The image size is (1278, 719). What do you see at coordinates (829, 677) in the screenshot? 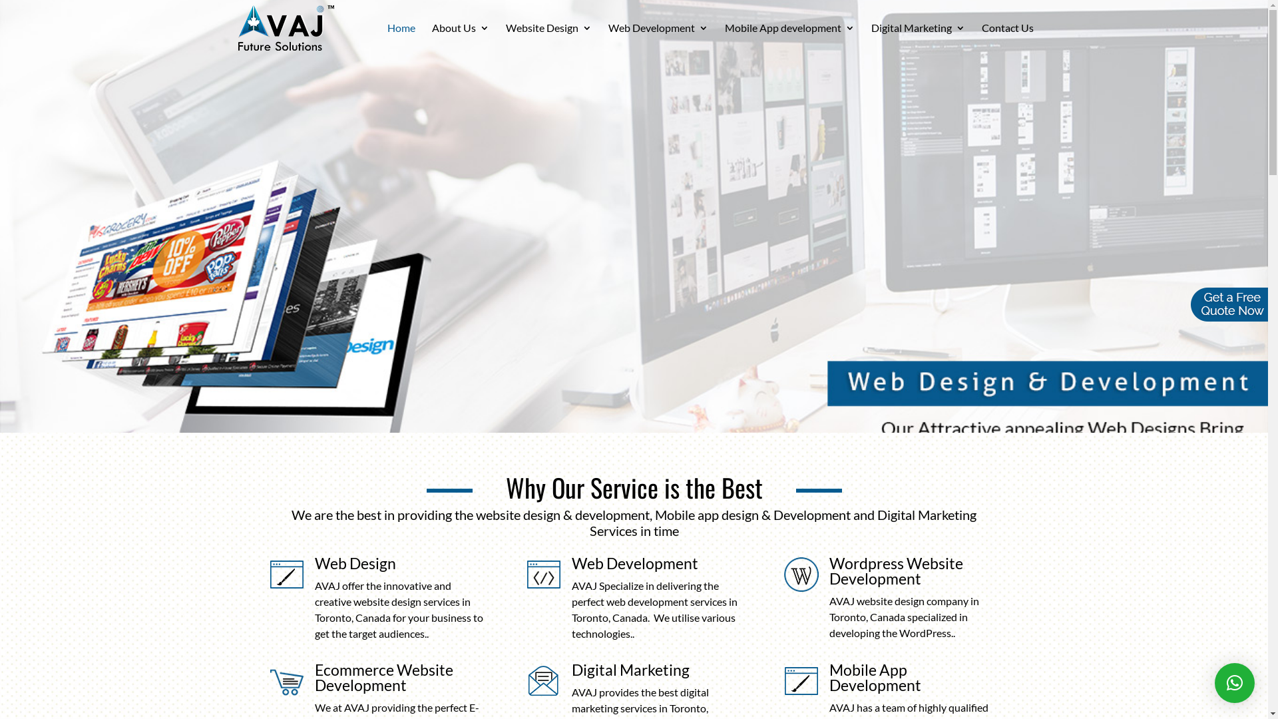
I see `'Mobile App Development'` at bounding box center [829, 677].